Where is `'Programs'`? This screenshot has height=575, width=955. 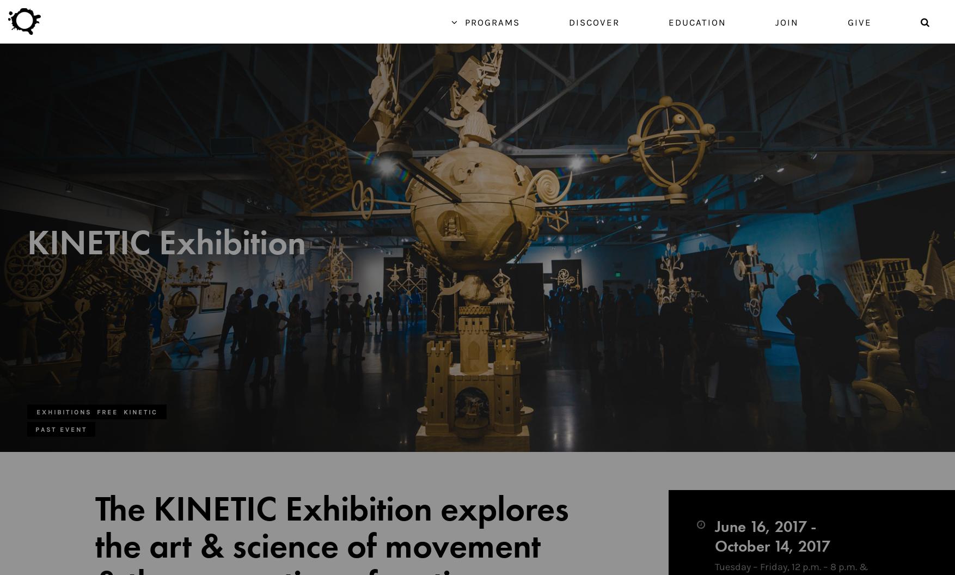 'Programs' is located at coordinates (489, 22).